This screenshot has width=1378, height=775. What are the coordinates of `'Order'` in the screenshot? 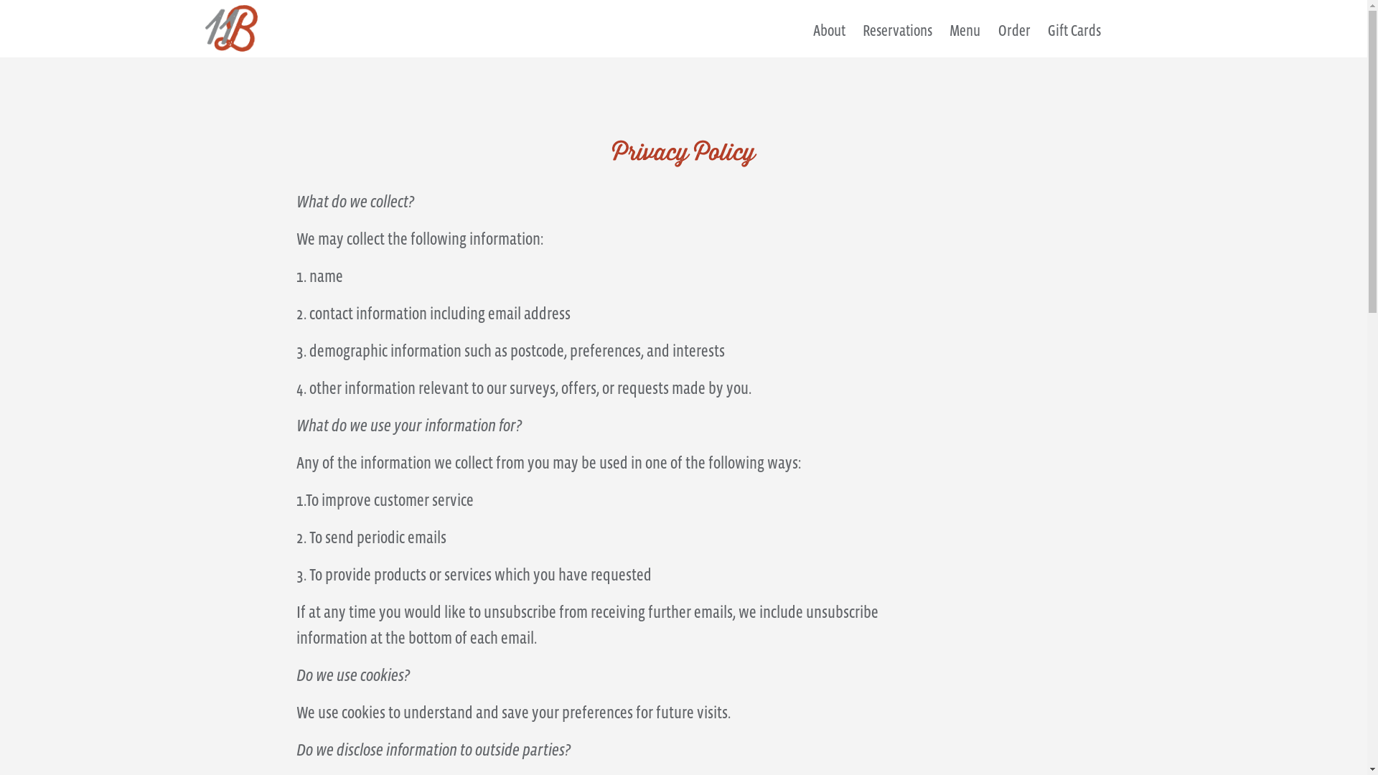 It's located at (1013, 37).